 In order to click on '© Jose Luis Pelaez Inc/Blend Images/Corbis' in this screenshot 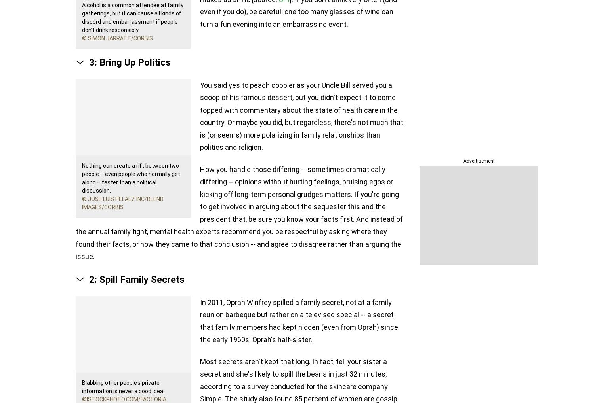, I will do `click(123, 202)`.